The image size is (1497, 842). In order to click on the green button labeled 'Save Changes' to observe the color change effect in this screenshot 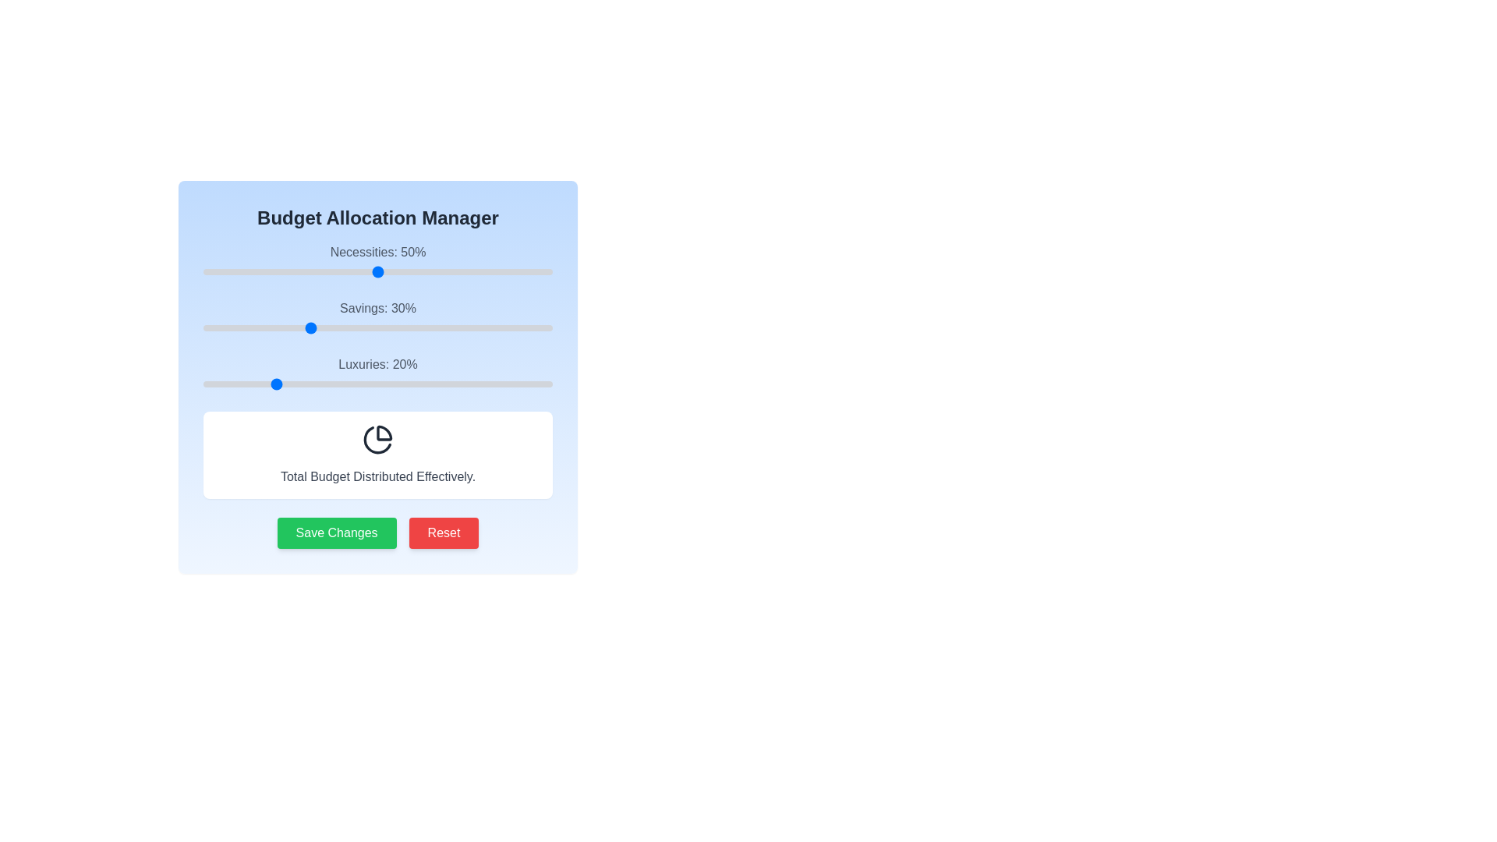, I will do `click(336, 532)`.